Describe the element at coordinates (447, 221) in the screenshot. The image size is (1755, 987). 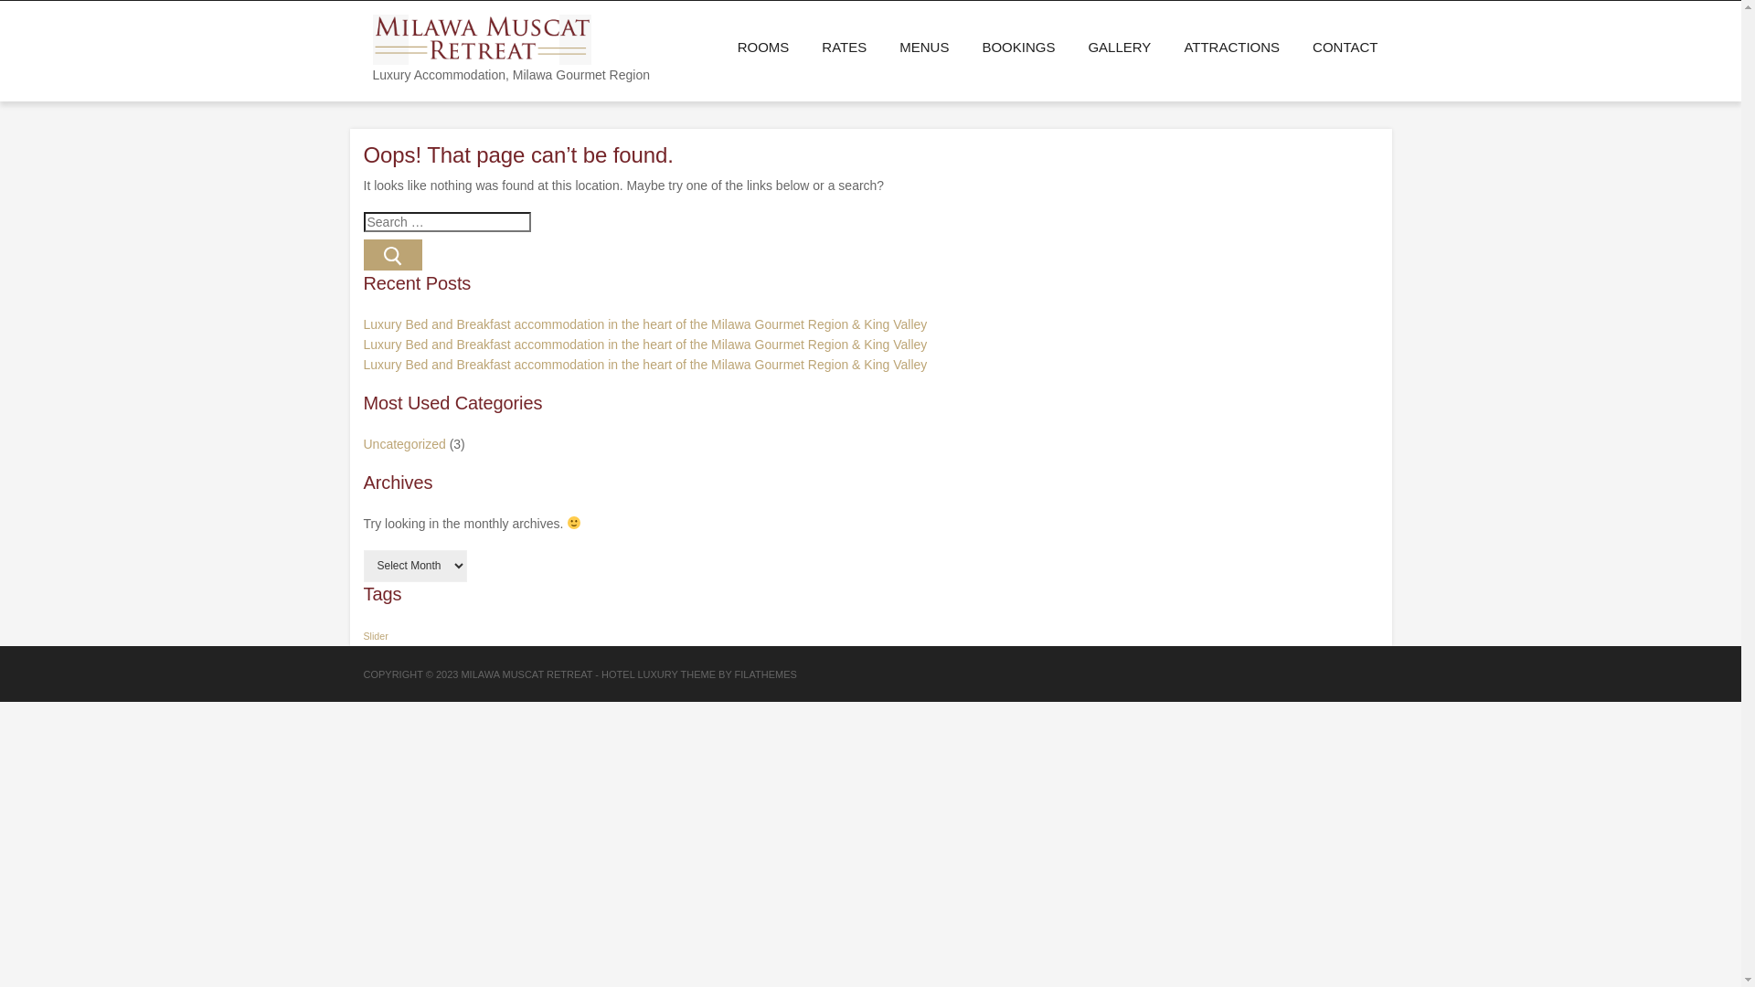
I see `'Search for:'` at that location.